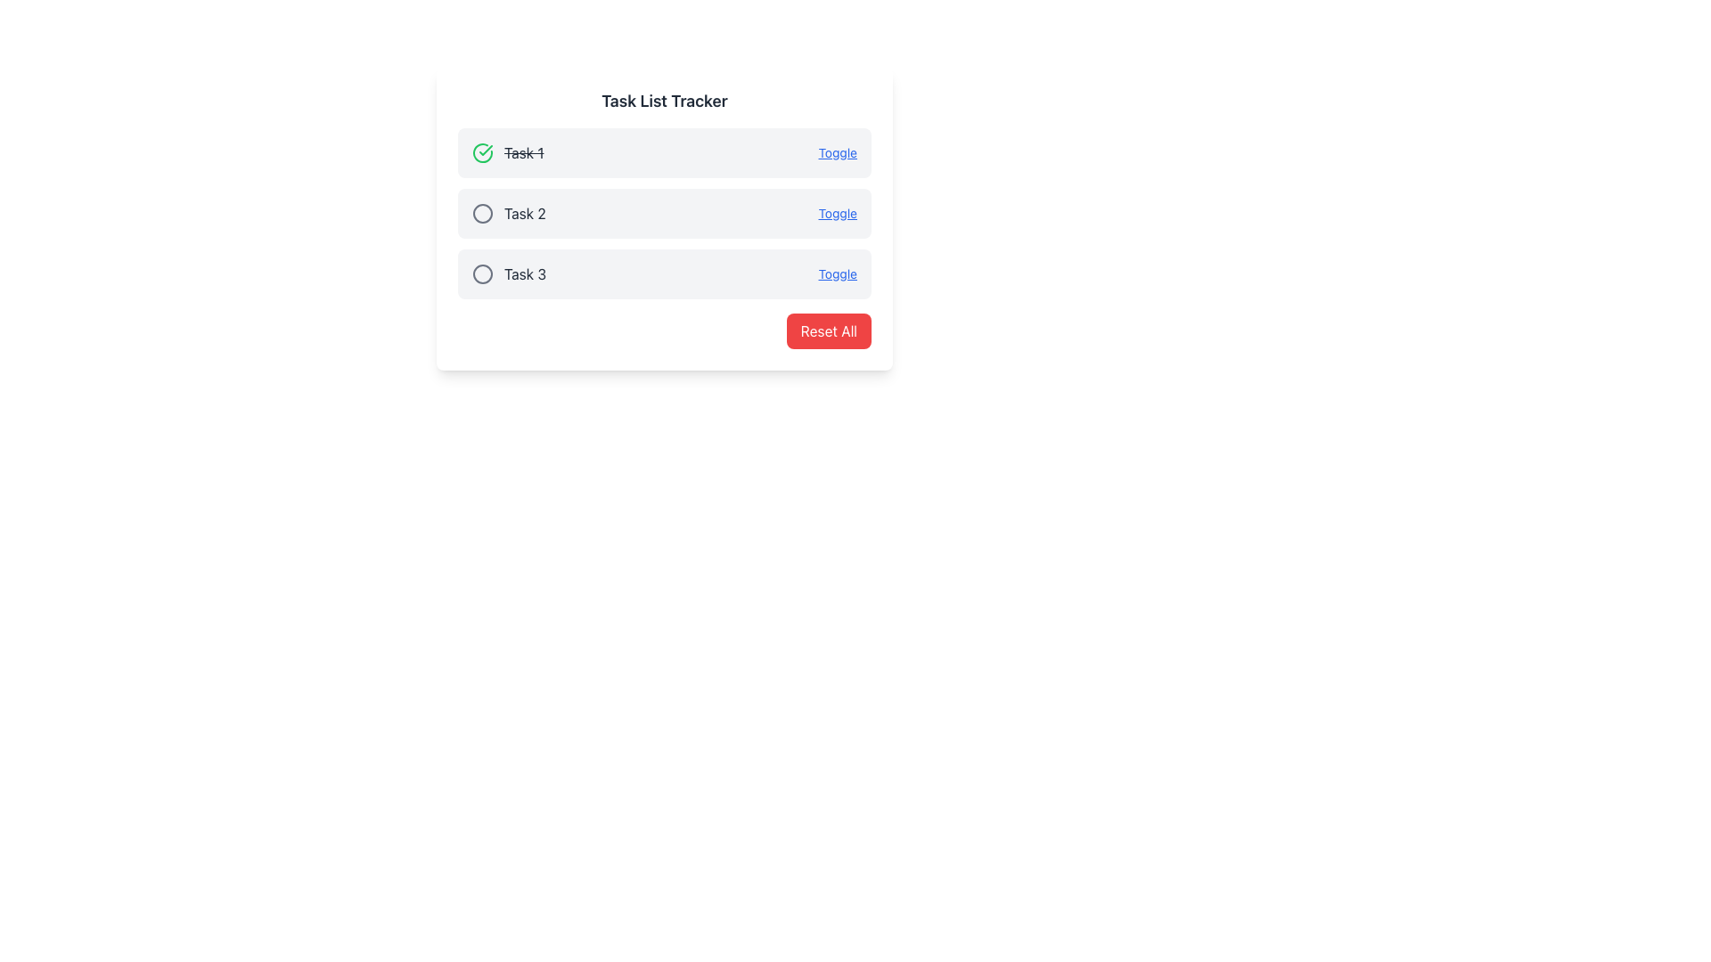 The image size is (1711, 962). I want to click on the icon located to the left of 'Task 3' in the 'Task List Tracker' to interact with it, so click(483, 274).